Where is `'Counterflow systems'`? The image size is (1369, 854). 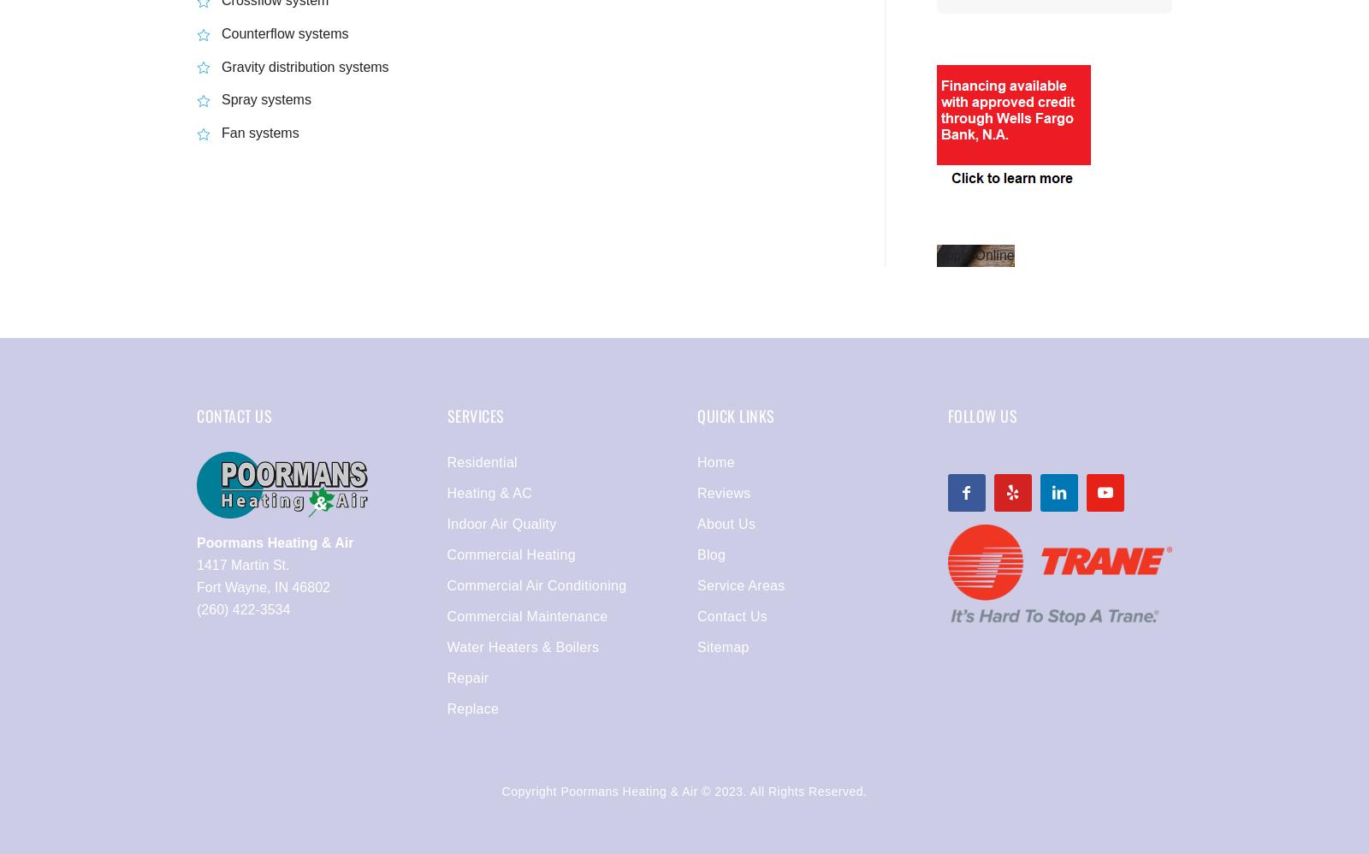
'Counterflow systems' is located at coordinates (284, 33).